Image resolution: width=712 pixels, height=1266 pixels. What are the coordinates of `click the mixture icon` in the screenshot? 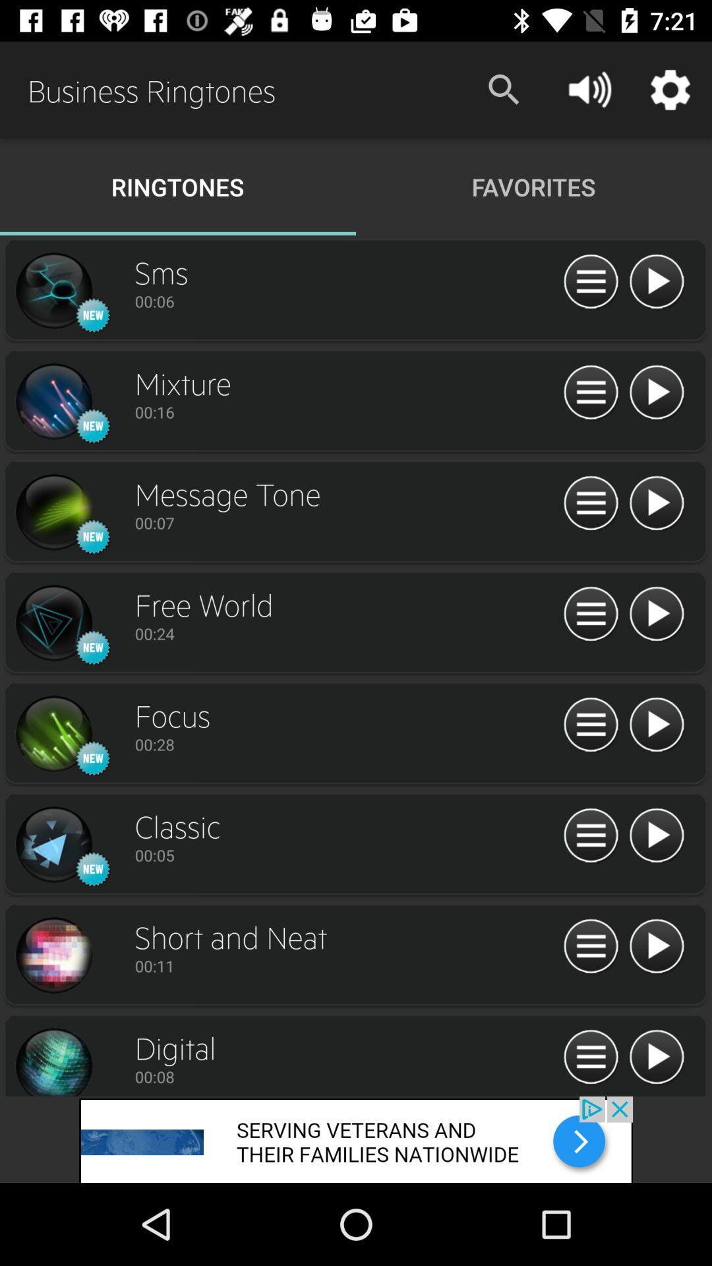 It's located at (53, 401).